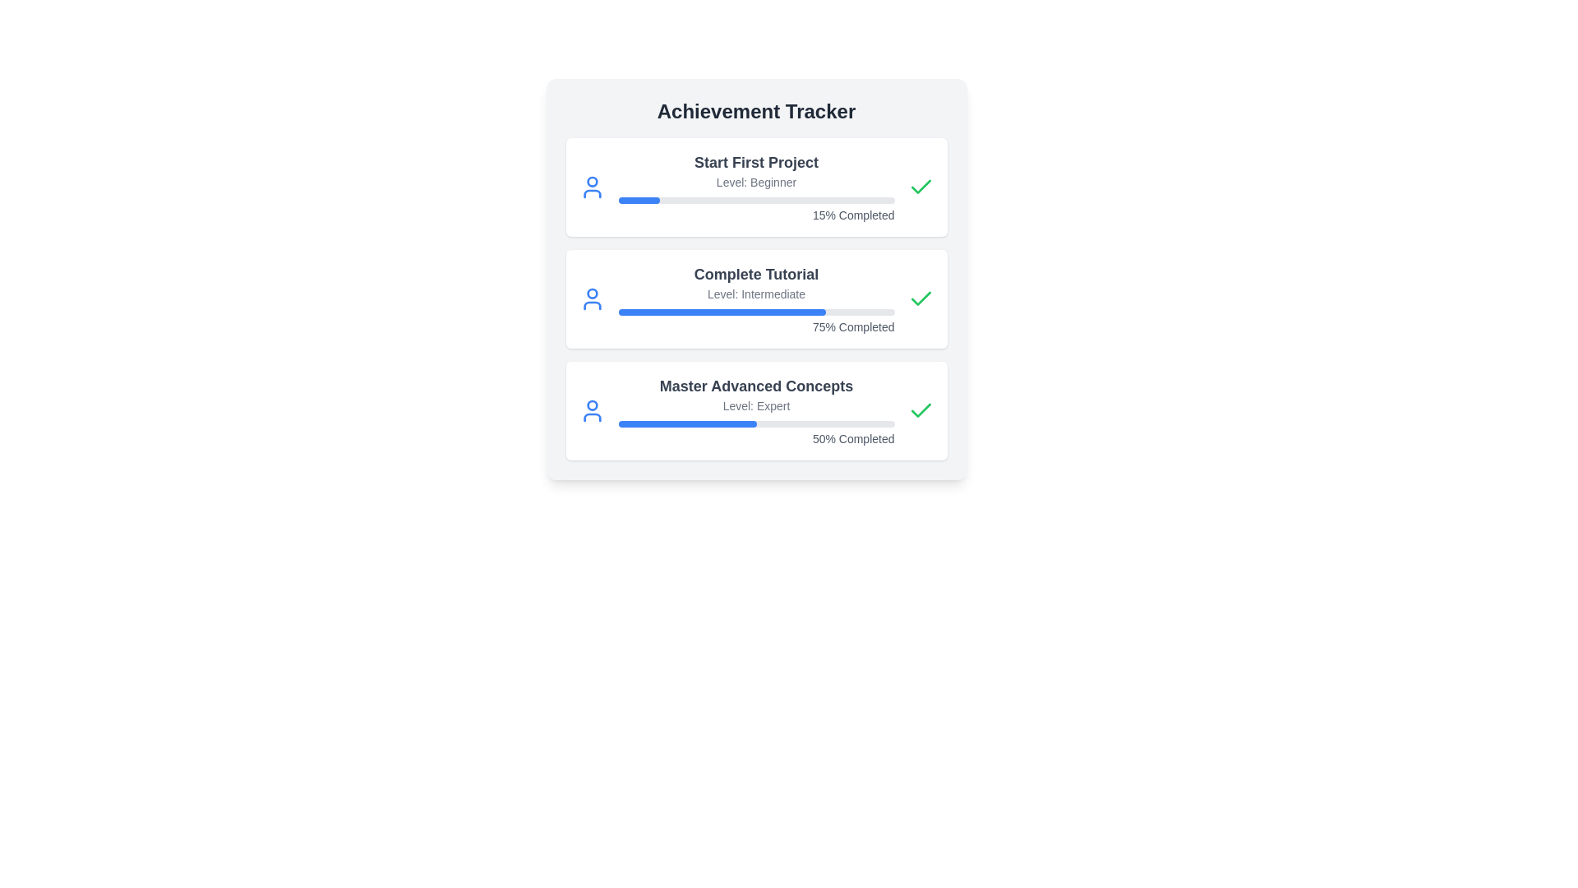  I want to click on the Progress Bar indicating the completion of the 'Start First Project' task, which shows that 15% of the task is completed, so click(755, 199).